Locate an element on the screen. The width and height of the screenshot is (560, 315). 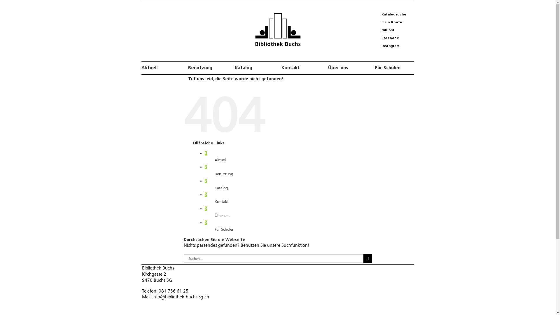
'Aktuell' is located at coordinates (220, 160).